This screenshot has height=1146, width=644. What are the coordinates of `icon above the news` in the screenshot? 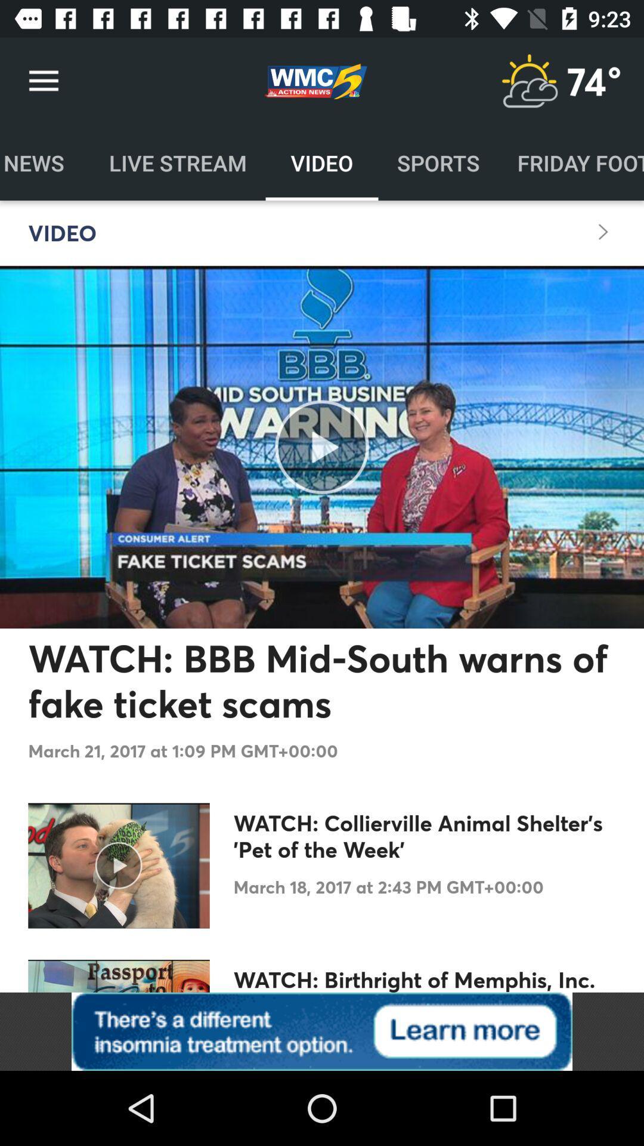 It's located at (43, 81).